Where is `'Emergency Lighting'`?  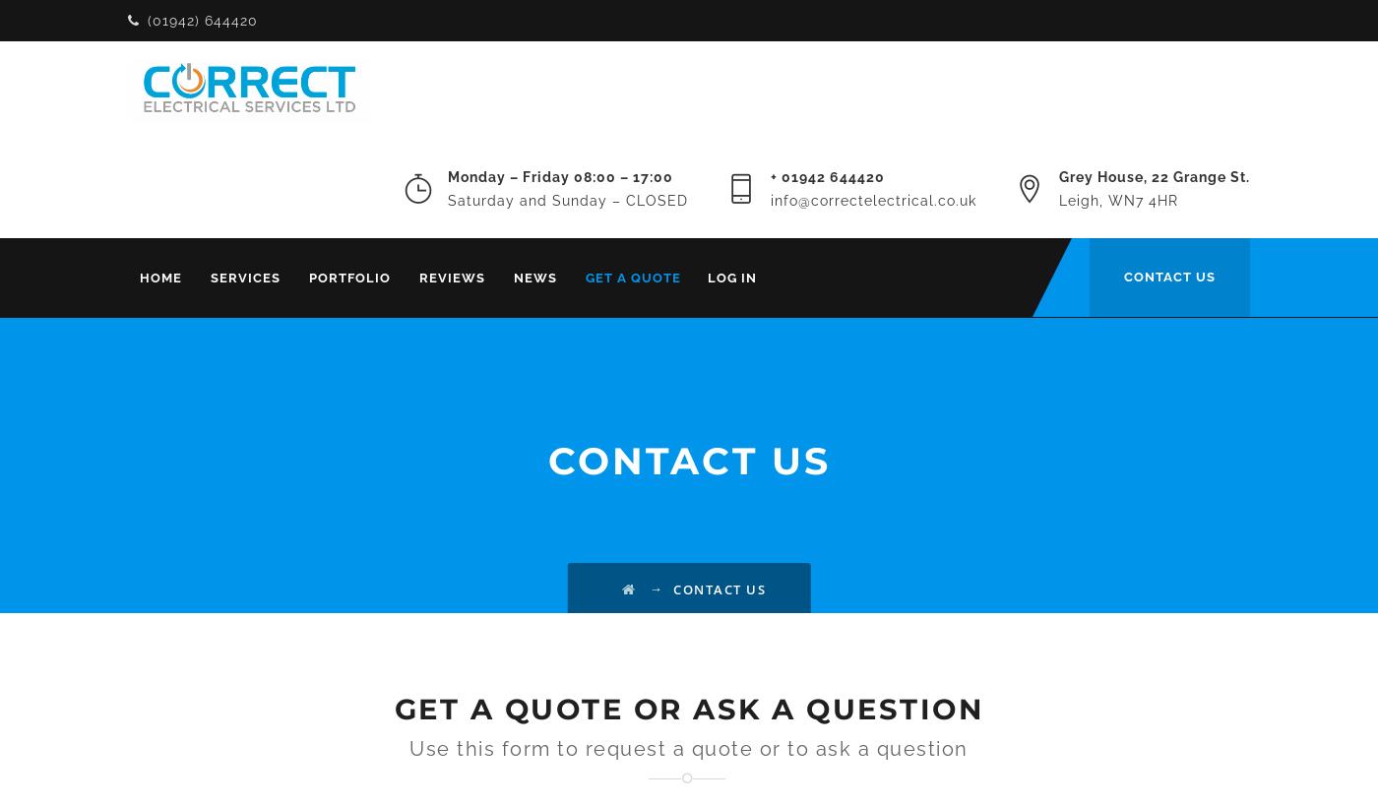 'Emergency Lighting' is located at coordinates (572, 450).